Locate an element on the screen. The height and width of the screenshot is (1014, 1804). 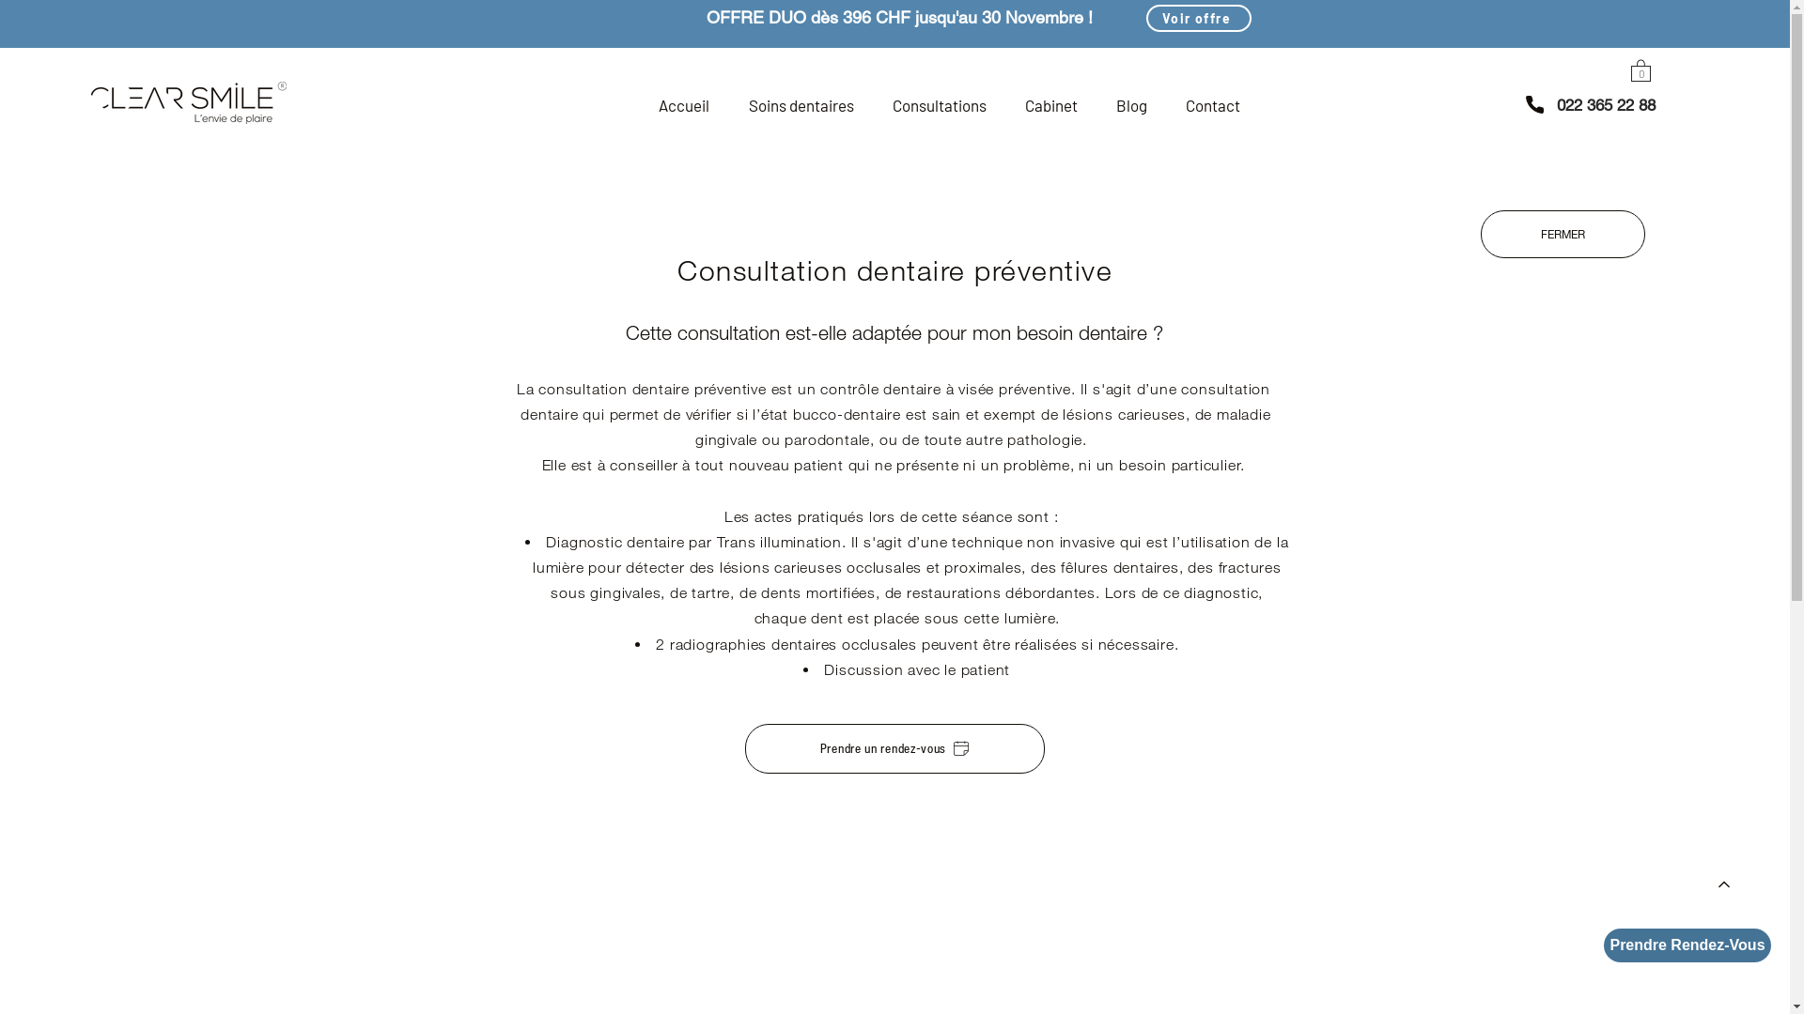
'Accueil' is located at coordinates (683, 104).